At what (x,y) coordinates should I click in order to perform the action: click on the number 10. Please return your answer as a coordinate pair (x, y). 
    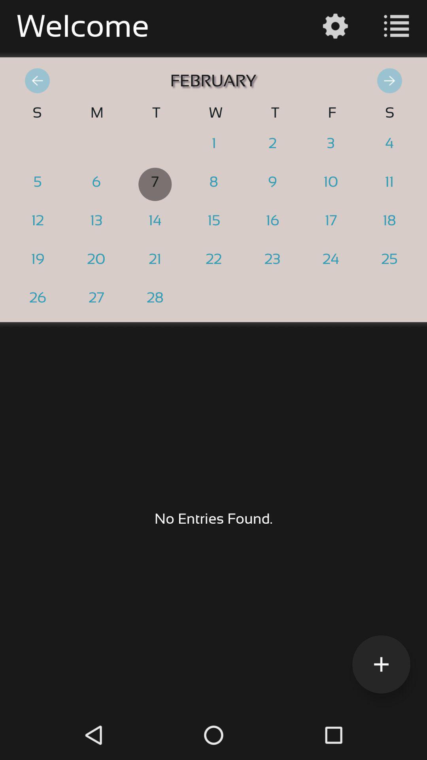
    Looking at the image, I should click on (331, 184).